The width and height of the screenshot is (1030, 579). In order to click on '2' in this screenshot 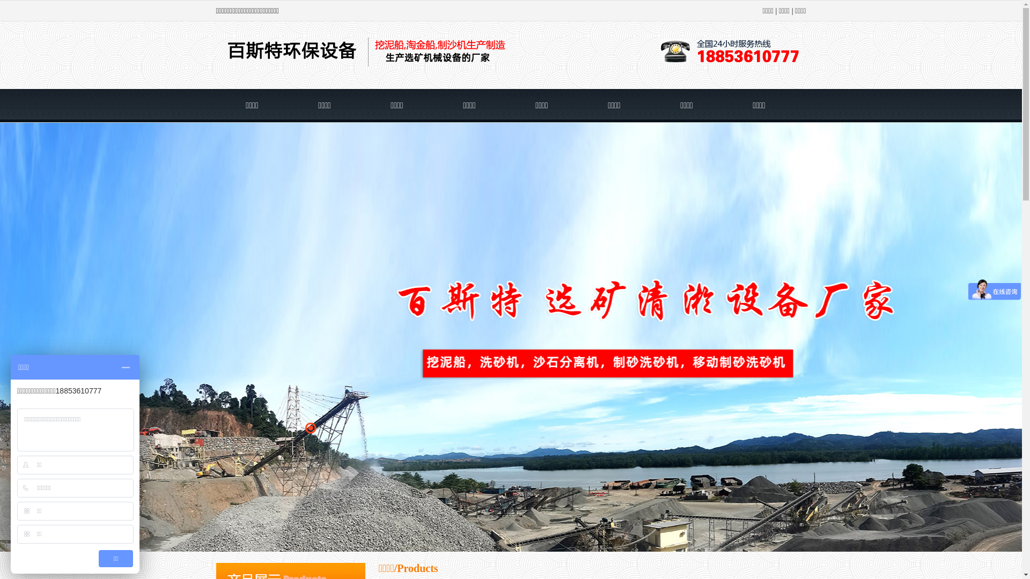, I will do `click(310, 427)`.